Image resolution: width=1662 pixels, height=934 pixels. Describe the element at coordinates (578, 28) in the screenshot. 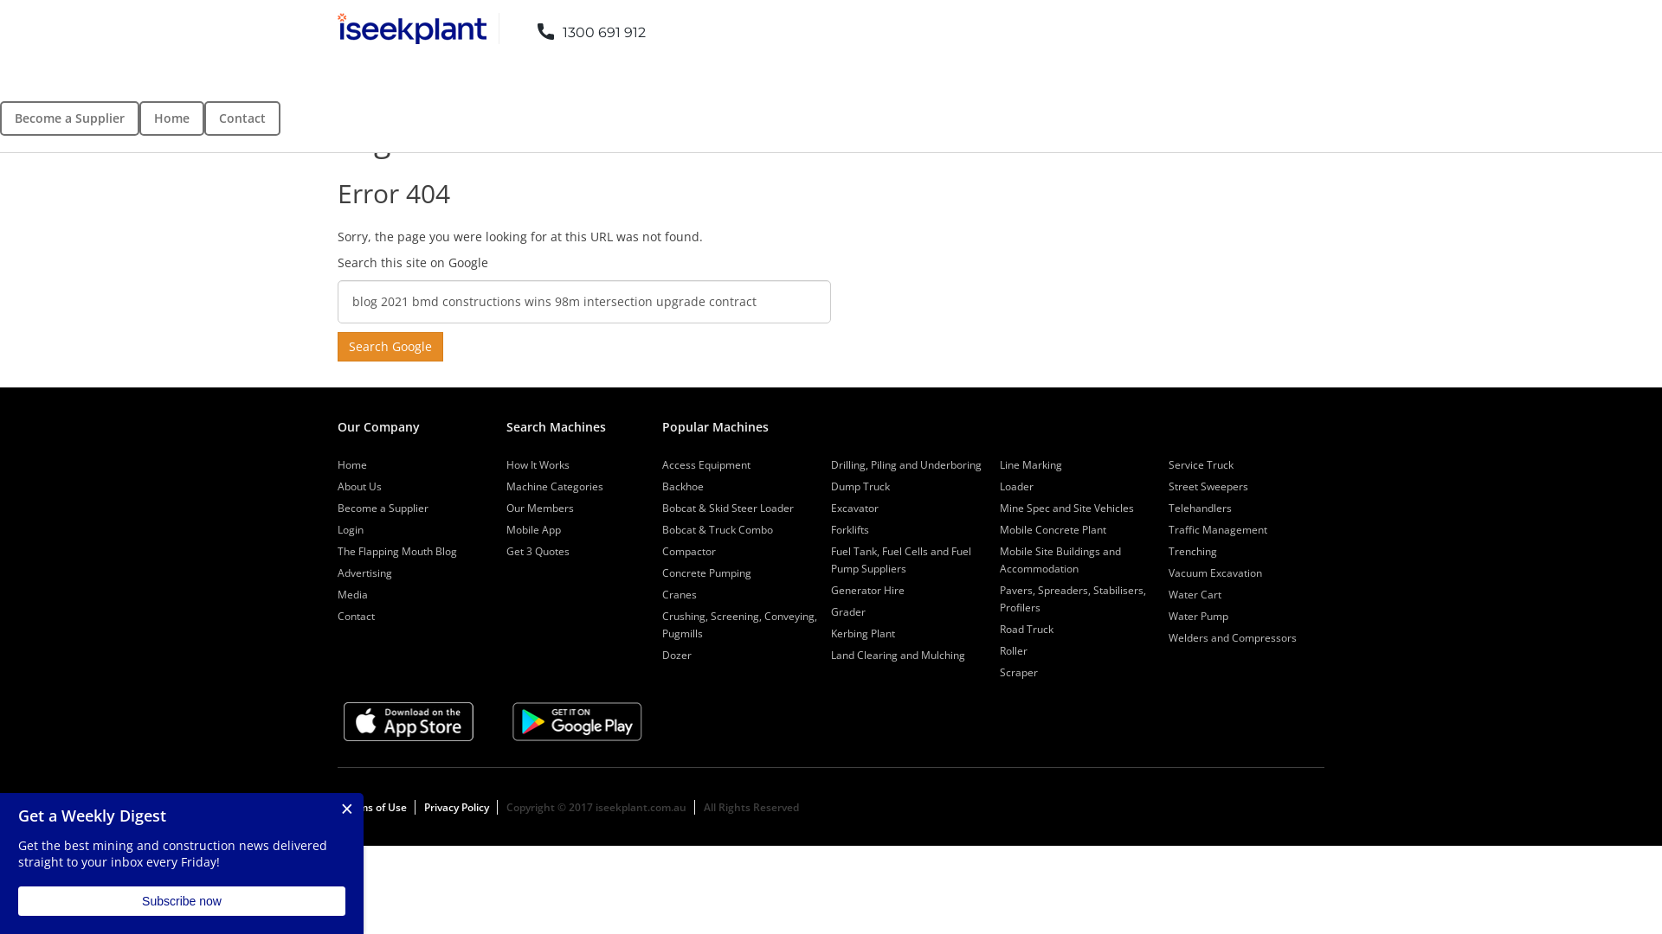

I see `' 1300 691 912'` at that location.